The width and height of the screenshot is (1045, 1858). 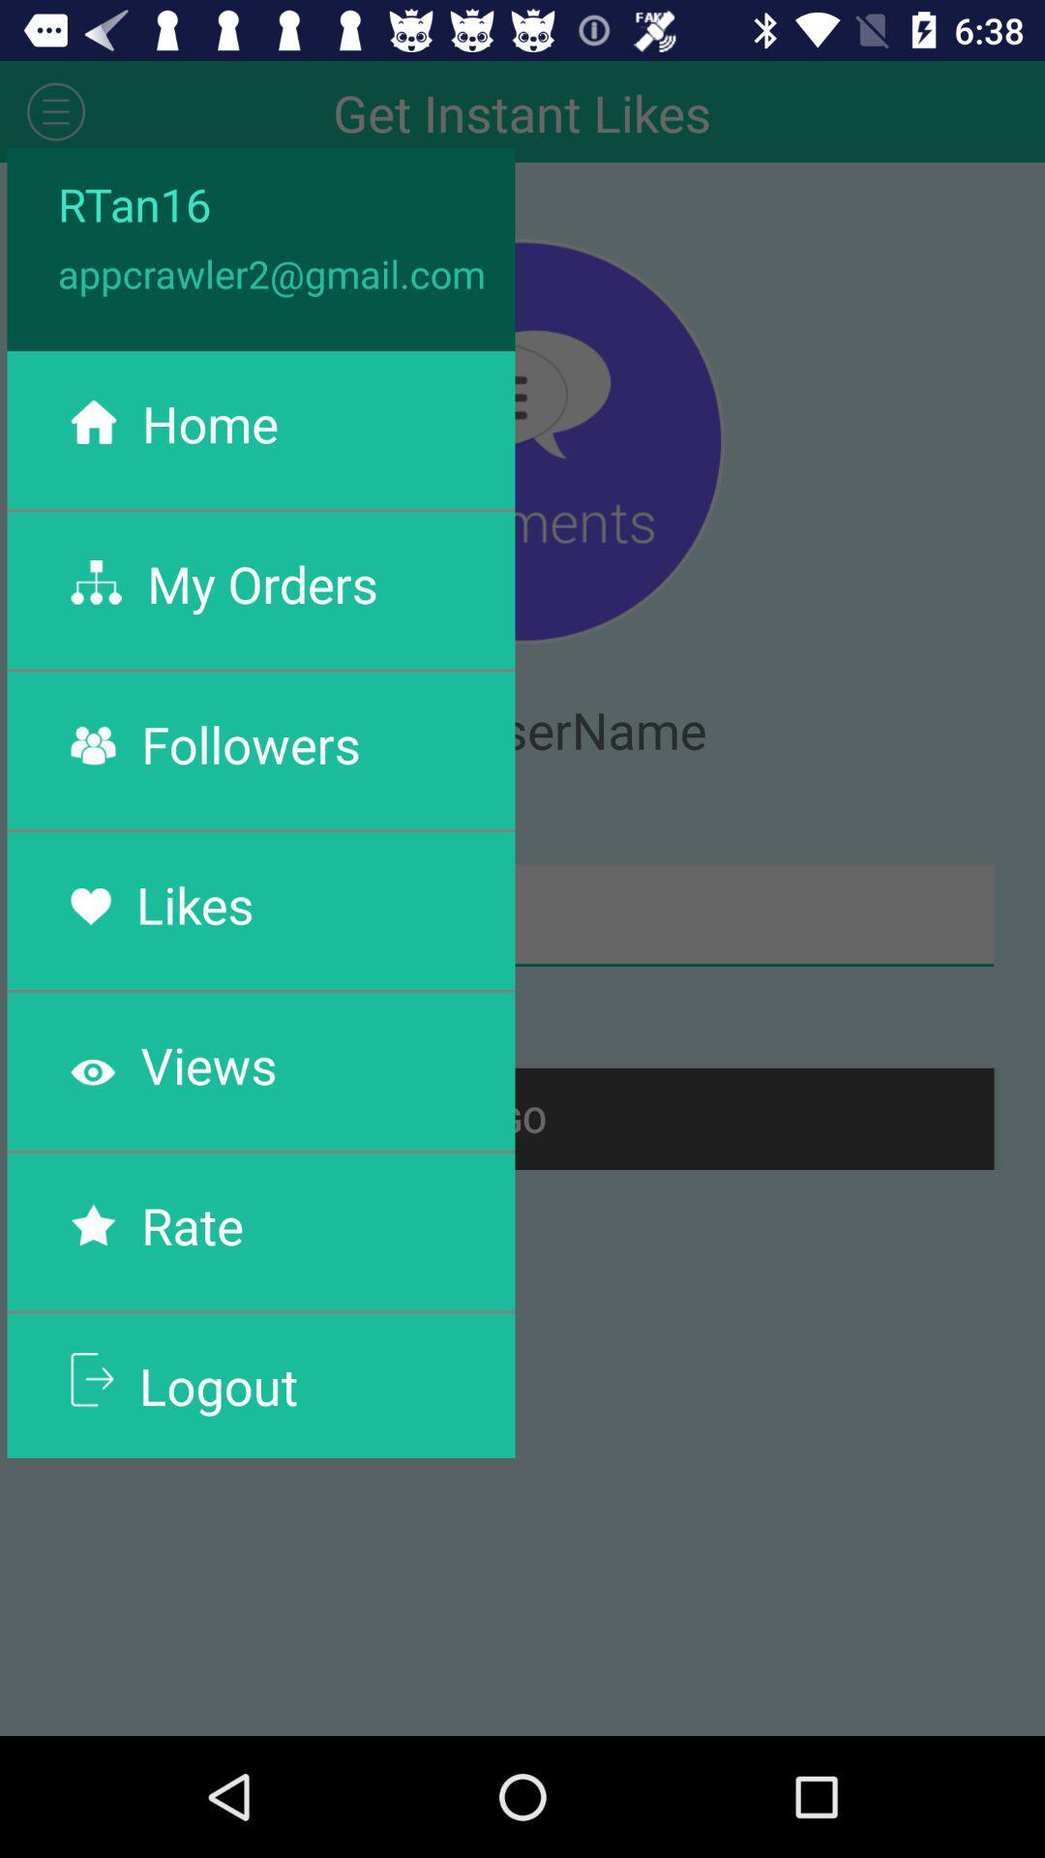 What do you see at coordinates (250, 743) in the screenshot?
I see `the followers` at bounding box center [250, 743].